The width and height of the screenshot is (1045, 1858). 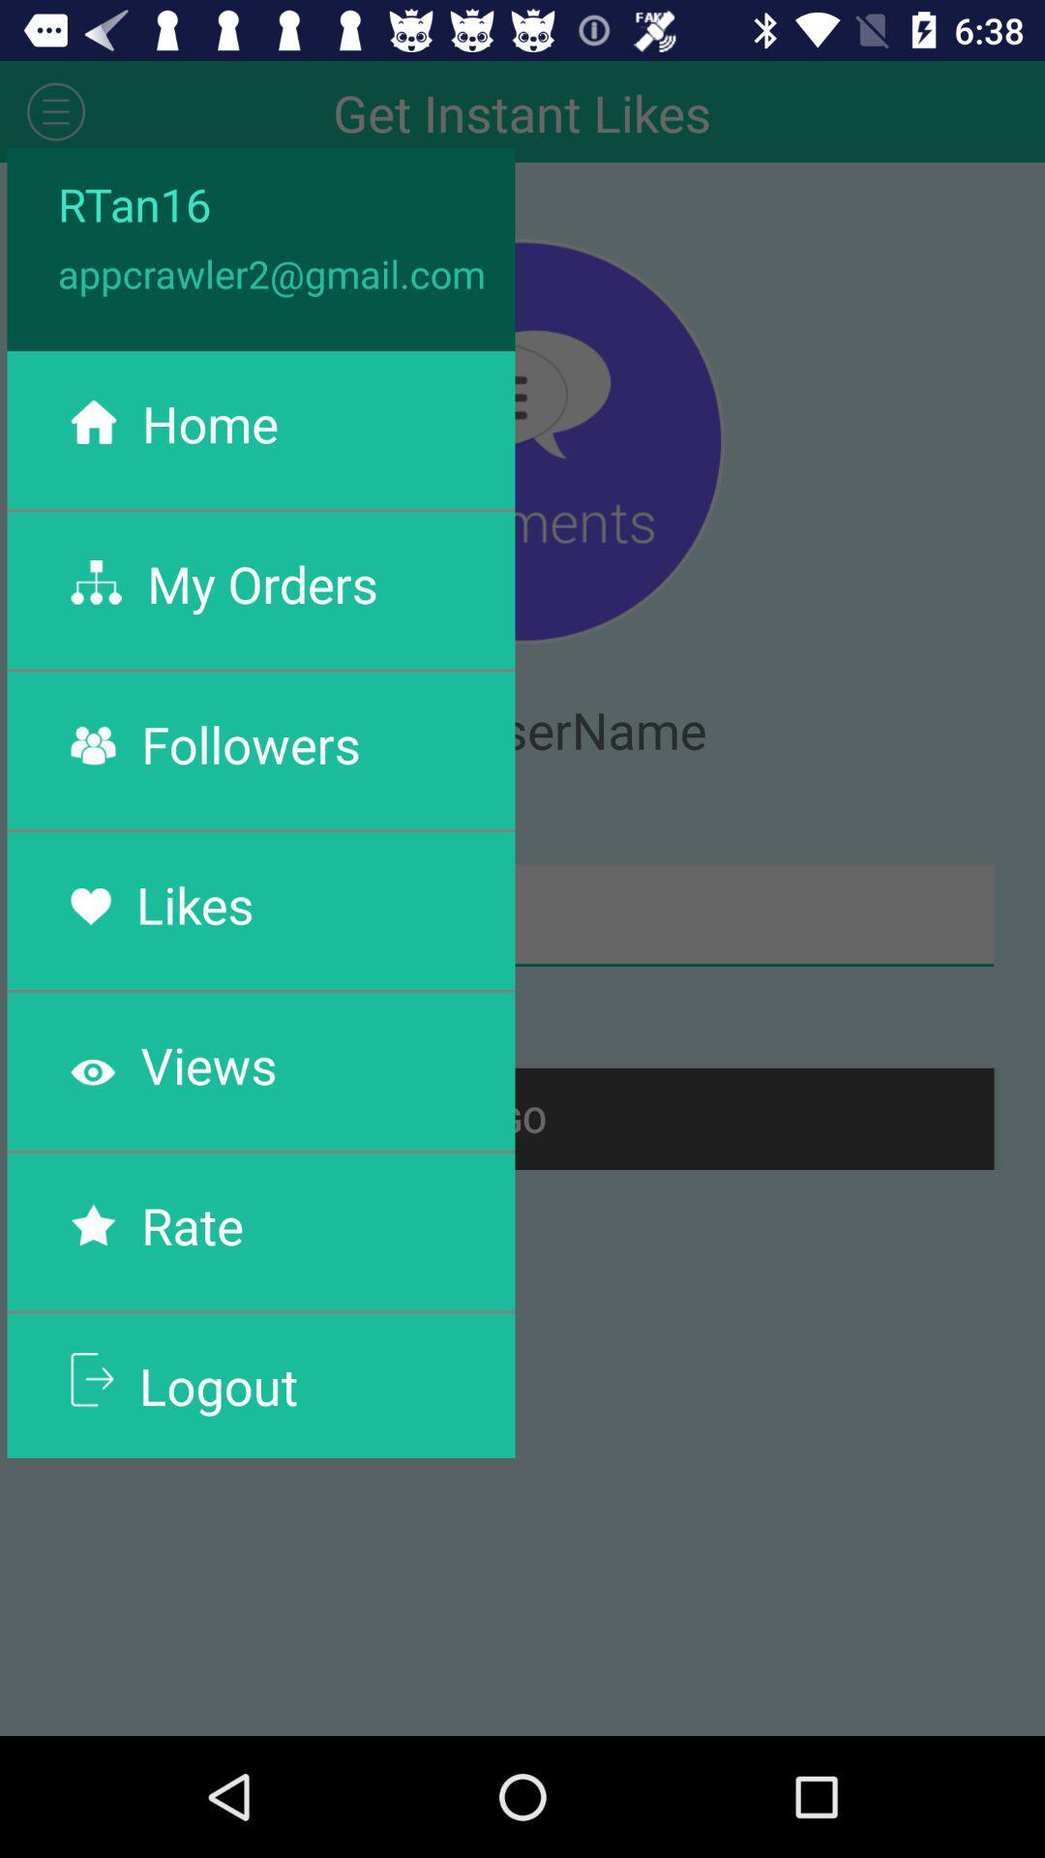 What do you see at coordinates (250, 743) in the screenshot?
I see `the followers` at bounding box center [250, 743].